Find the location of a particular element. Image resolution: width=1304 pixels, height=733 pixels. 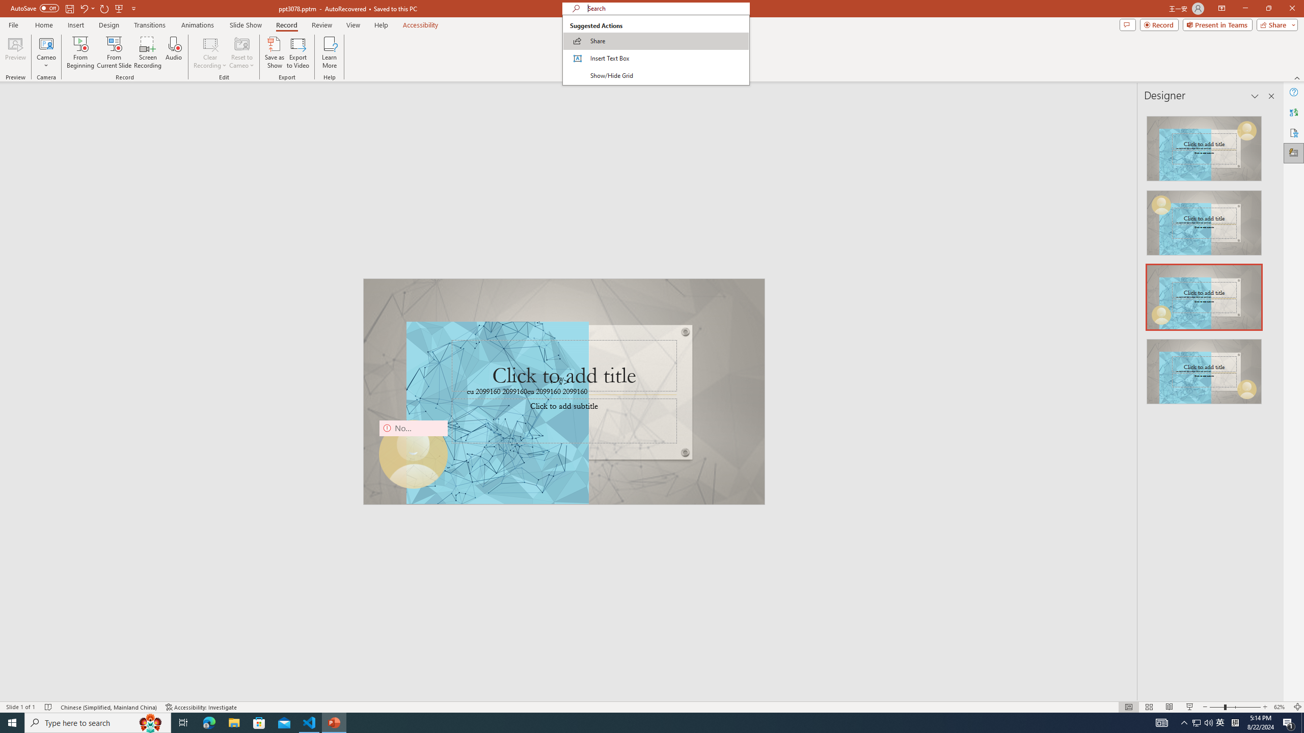

'Insert Text Box' is located at coordinates (656, 58).